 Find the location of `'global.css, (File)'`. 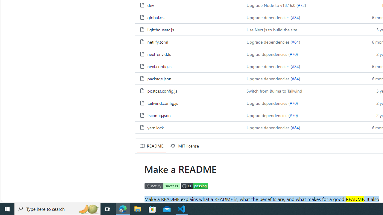

'global.css, (File)' is located at coordinates (156, 17).